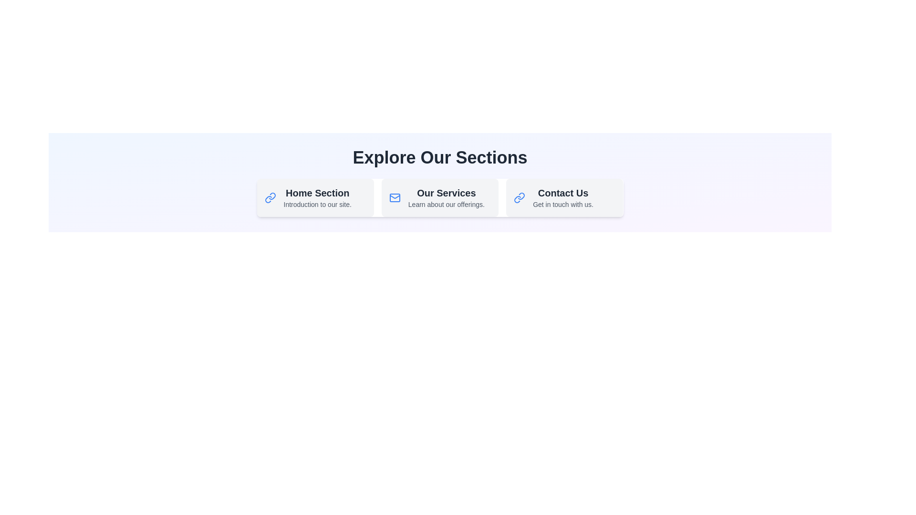  I want to click on the 'Home Section' text block with icon, which displays the text 'Home Section' in bold and larger font, accompanied by a decorative chain icon on the left, so click(315, 197).